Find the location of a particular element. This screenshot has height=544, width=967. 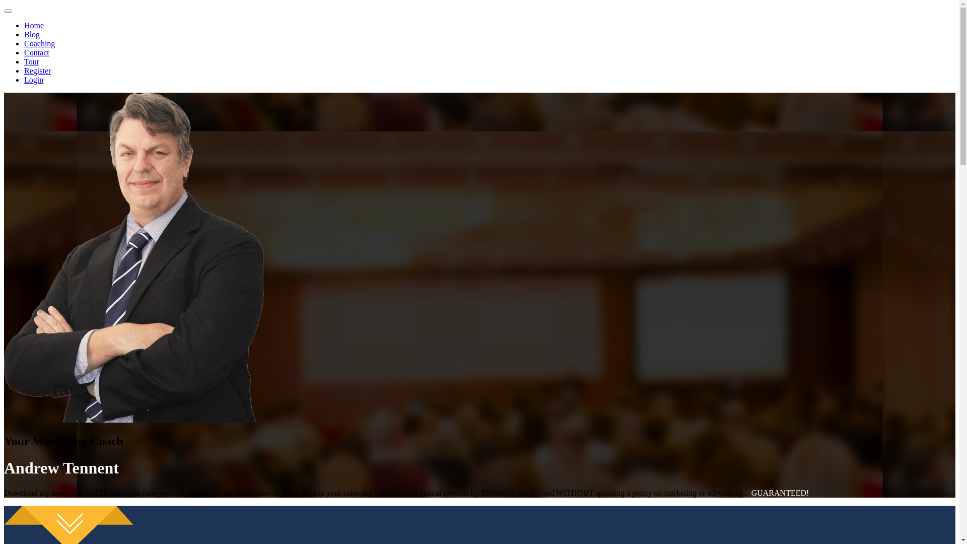

'Blog' is located at coordinates (24, 34).